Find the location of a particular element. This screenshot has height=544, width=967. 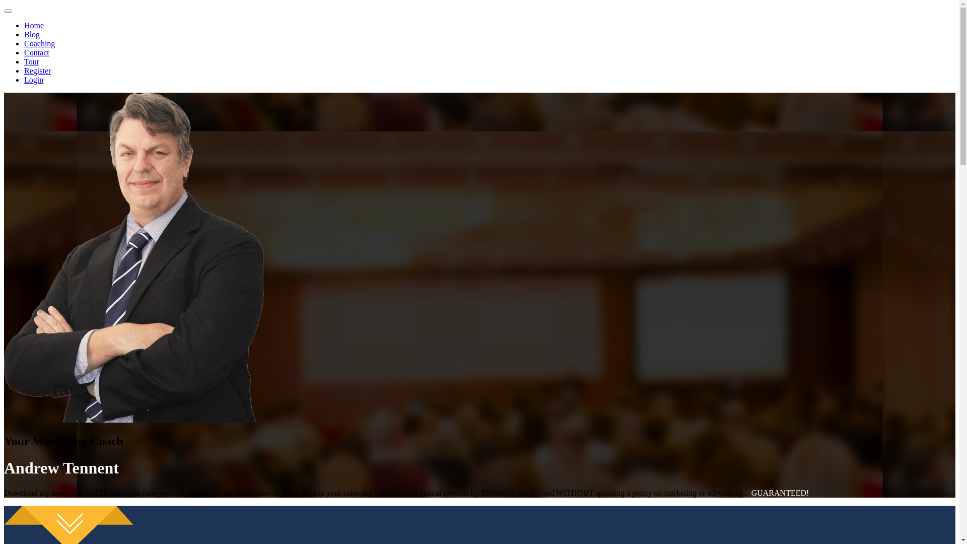

'Blog' is located at coordinates (24, 34).